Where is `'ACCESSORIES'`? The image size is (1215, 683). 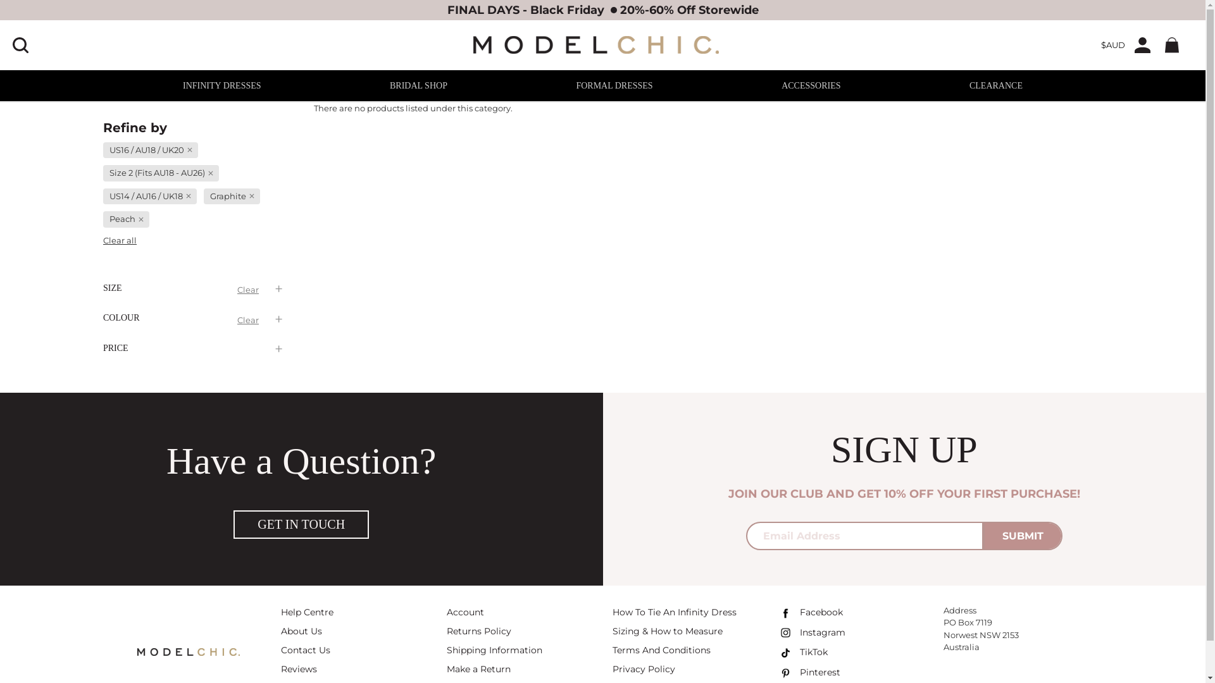 'ACCESSORIES' is located at coordinates (811, 85).